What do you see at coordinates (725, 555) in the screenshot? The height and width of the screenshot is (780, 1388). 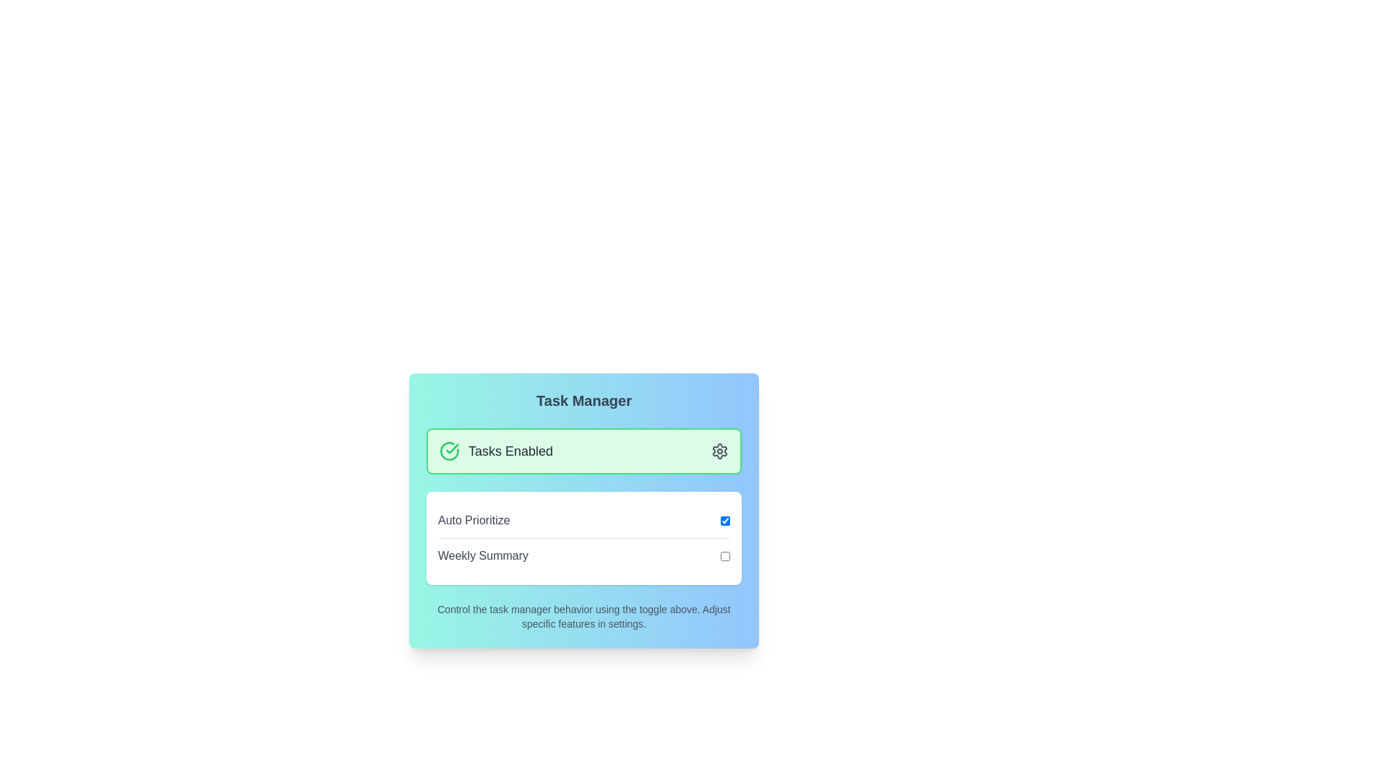 I see `the checkbox styled toggle located to the right of the 'Weekly Summary' label for keyboard interaction` at bounding box center [725, 555].